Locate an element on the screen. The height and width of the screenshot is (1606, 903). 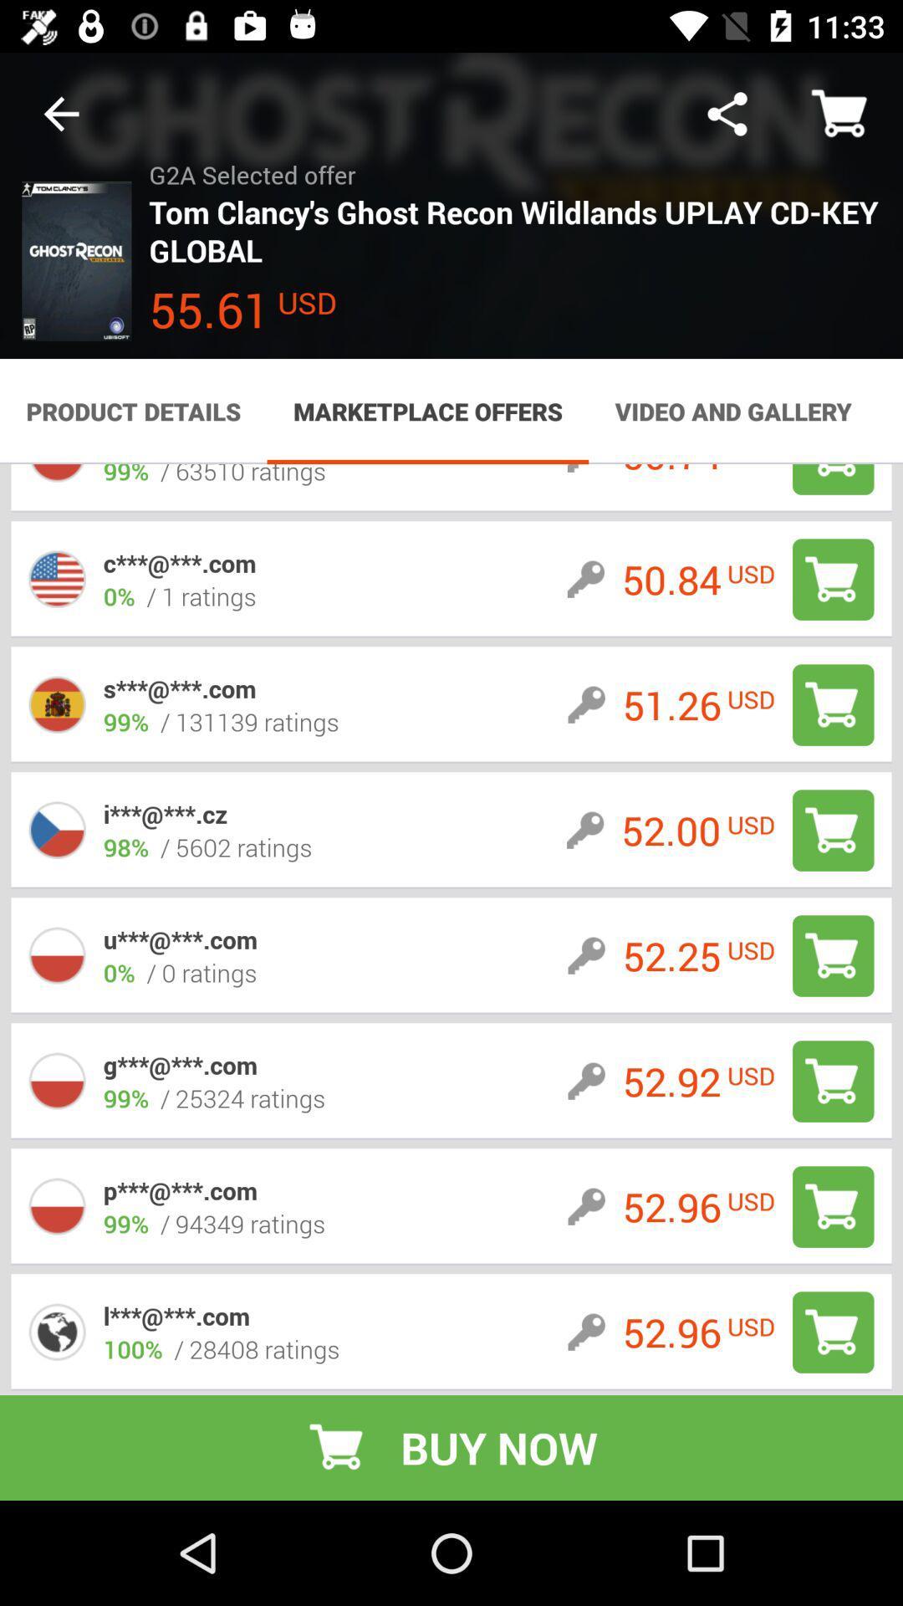
buy option is located at coordinates (833, 1081).